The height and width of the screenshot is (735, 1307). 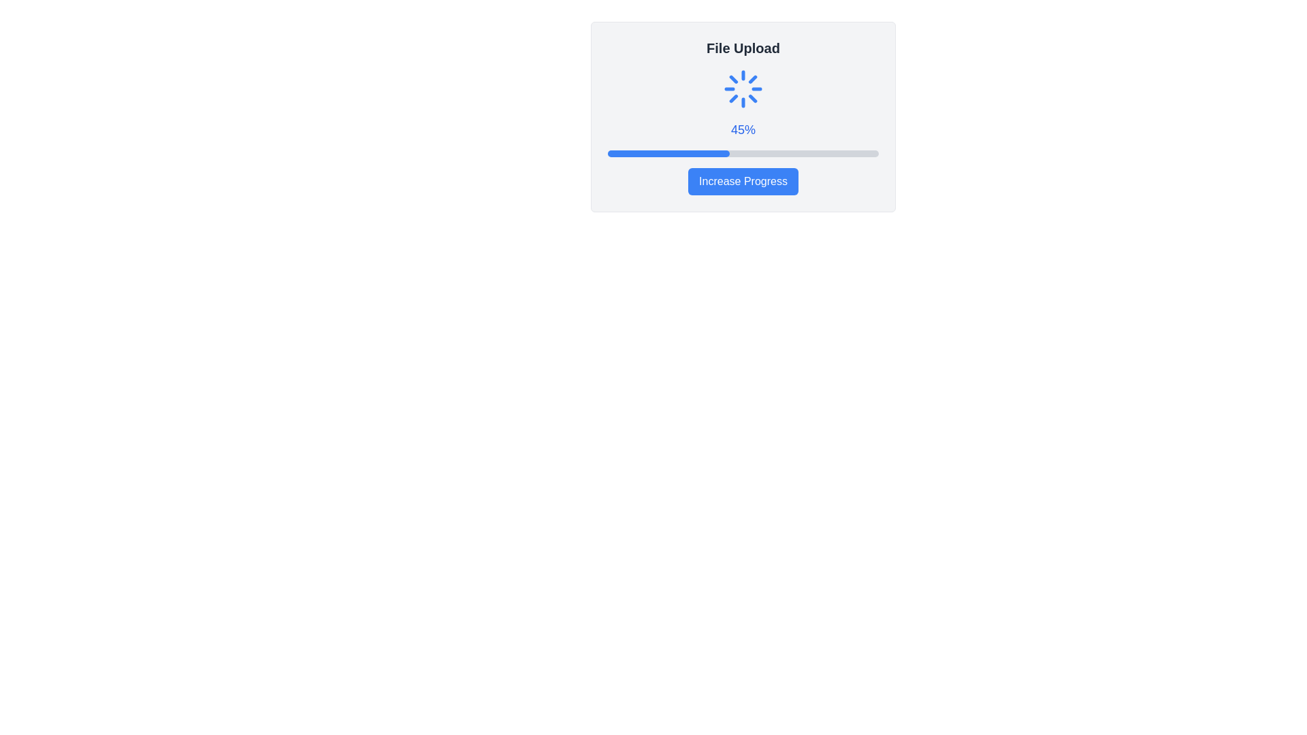 I want to click on the small line forming a downward slope to the left, part of the animated blue loader icon located above the 'File Upload' progress bar, so click(x=747, y=76).